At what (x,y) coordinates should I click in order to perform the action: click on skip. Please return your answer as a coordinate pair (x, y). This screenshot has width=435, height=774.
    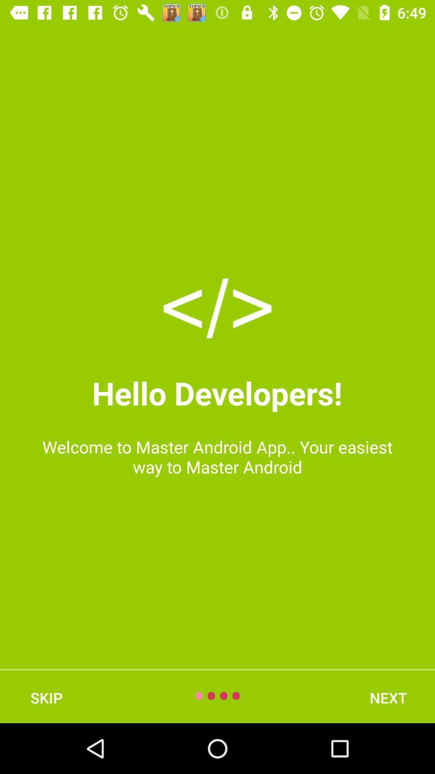
    Looking at the image, I should click on (46, 697).